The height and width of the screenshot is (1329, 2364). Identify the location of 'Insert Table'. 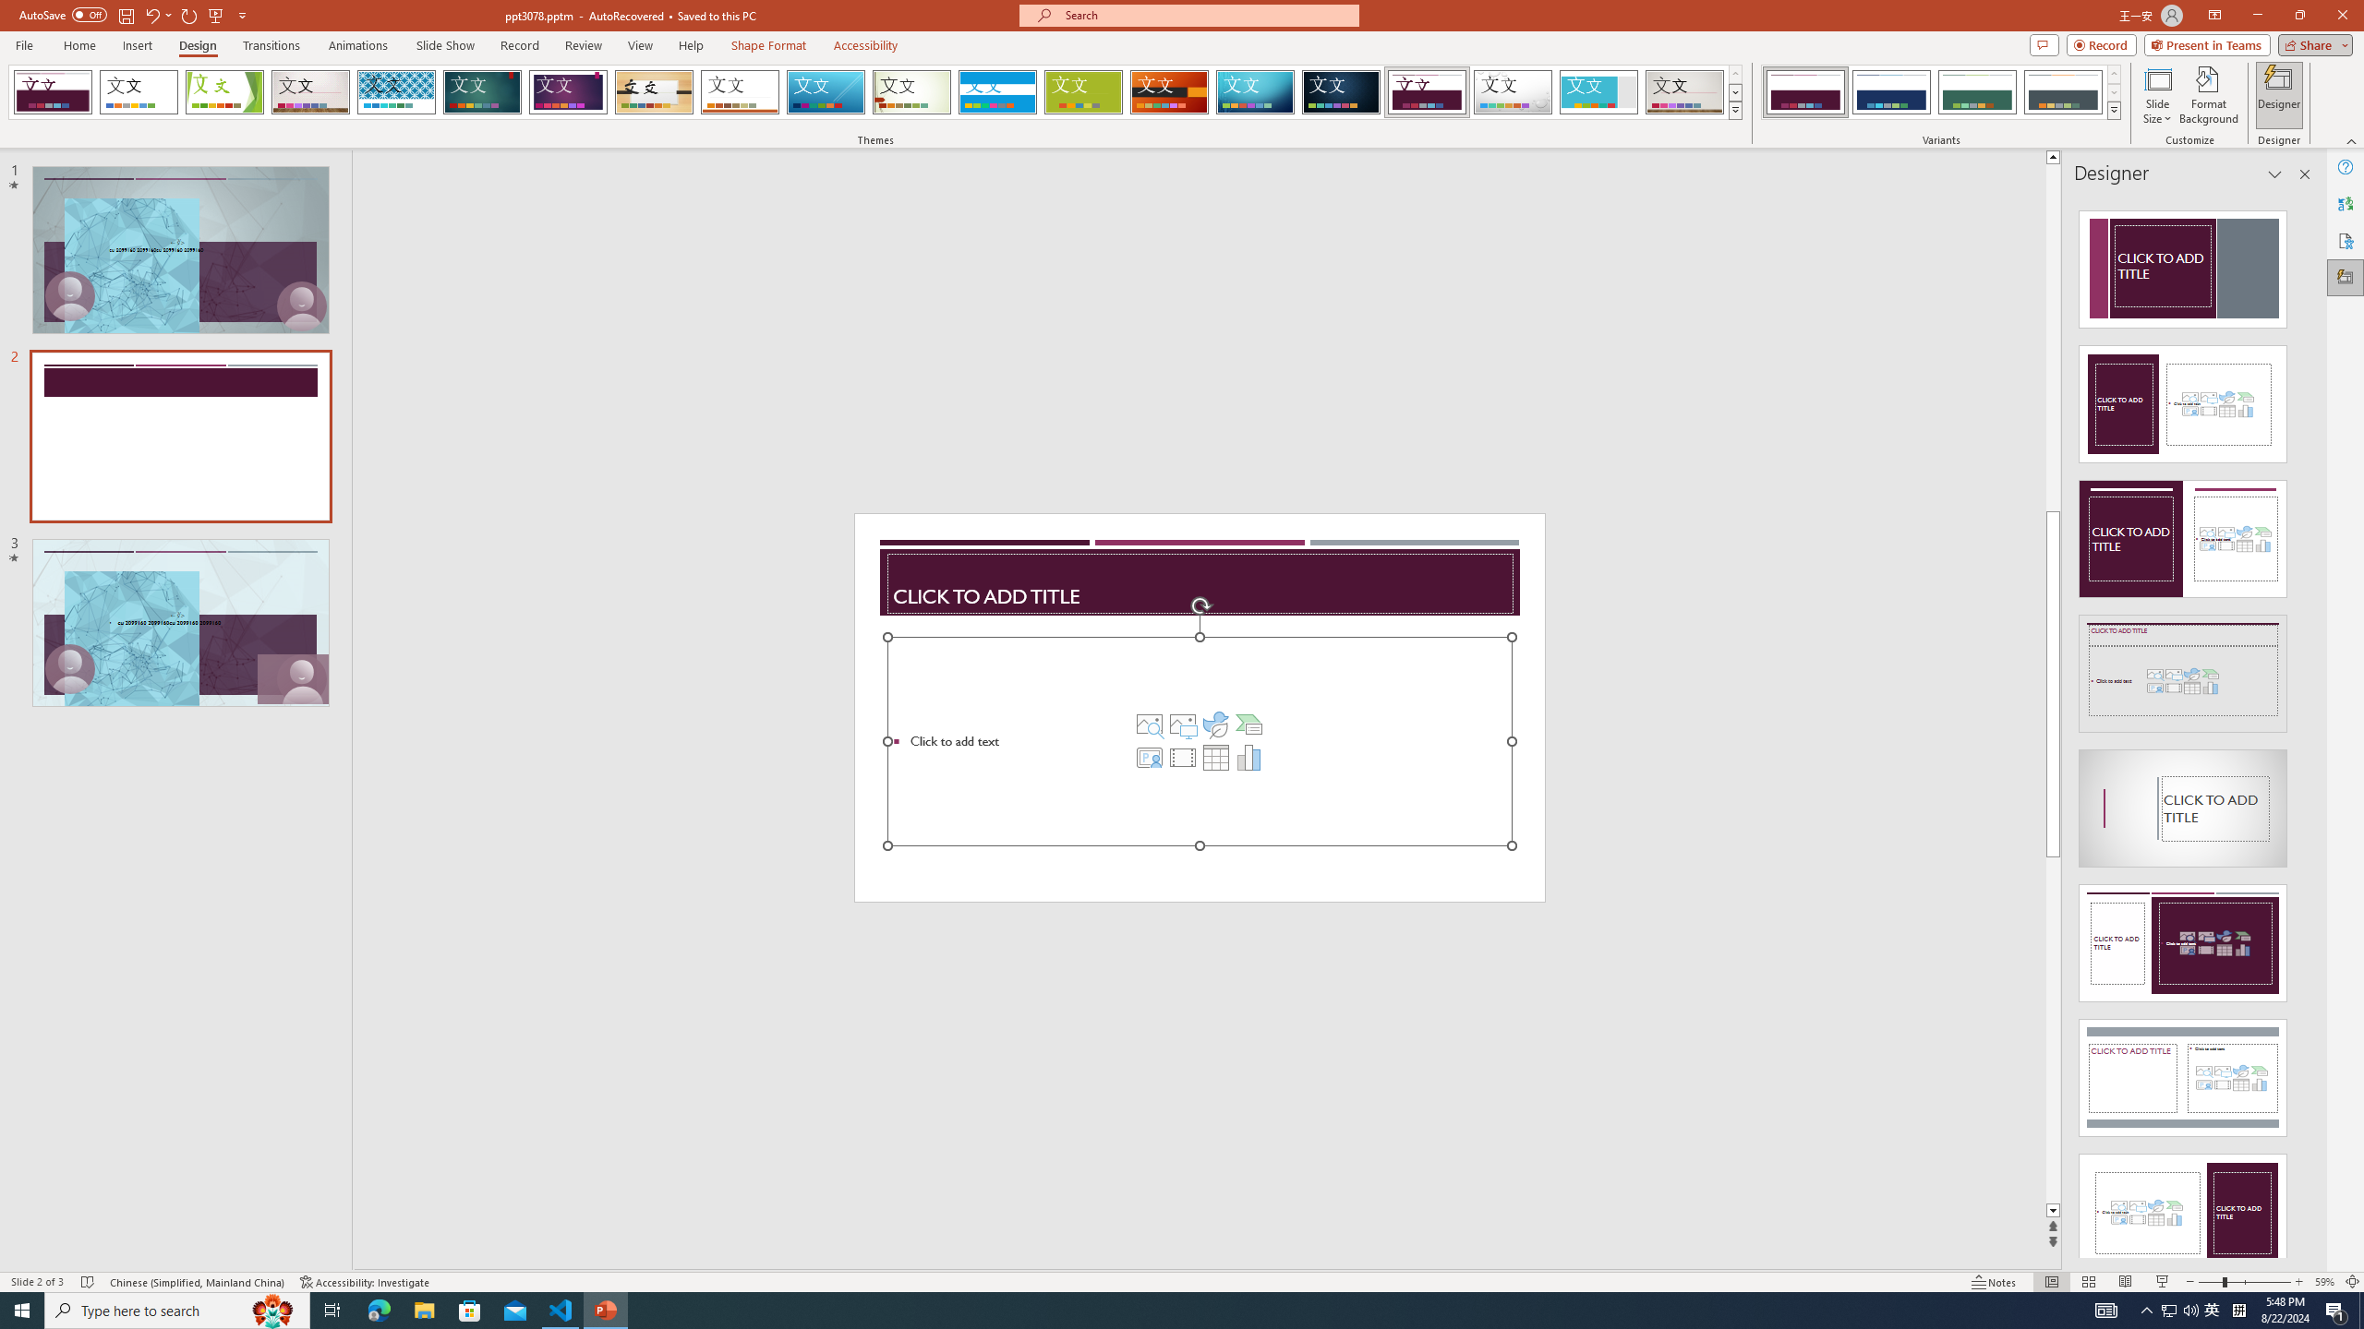
(1215, 756).